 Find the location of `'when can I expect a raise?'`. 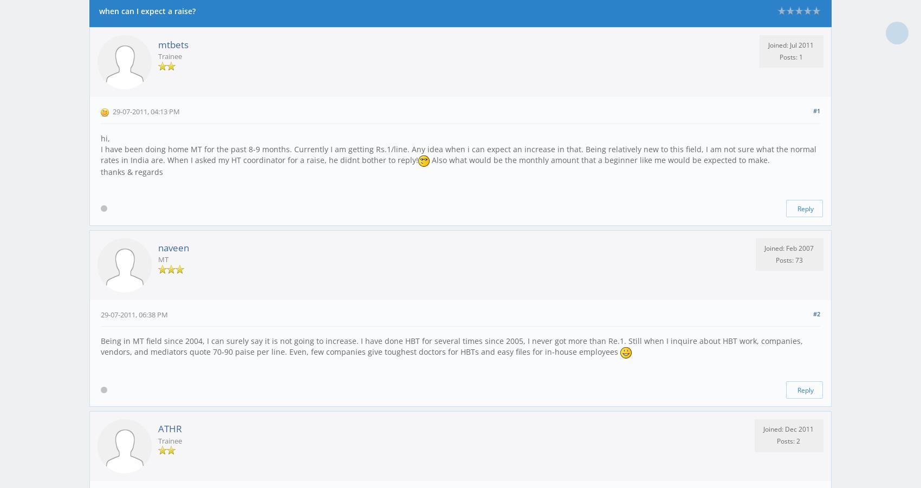

'when can I expect a raise?' is located at coordinates (146, 10).